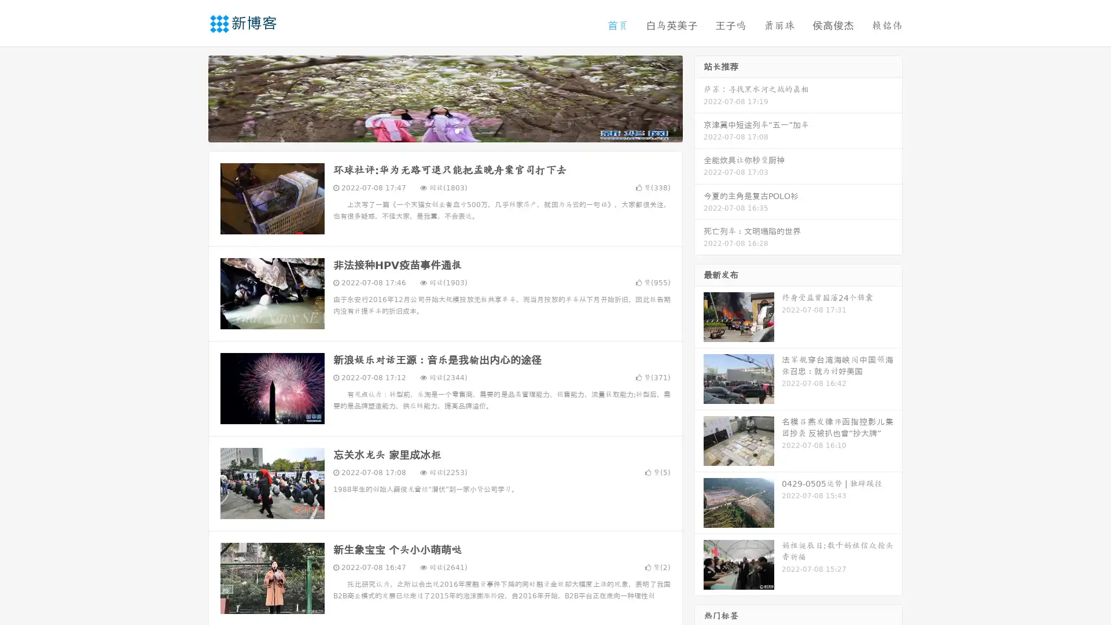  Describe the element at coordinates (433, 130) in the screenshot. I see `Go to slide 1` at that location.